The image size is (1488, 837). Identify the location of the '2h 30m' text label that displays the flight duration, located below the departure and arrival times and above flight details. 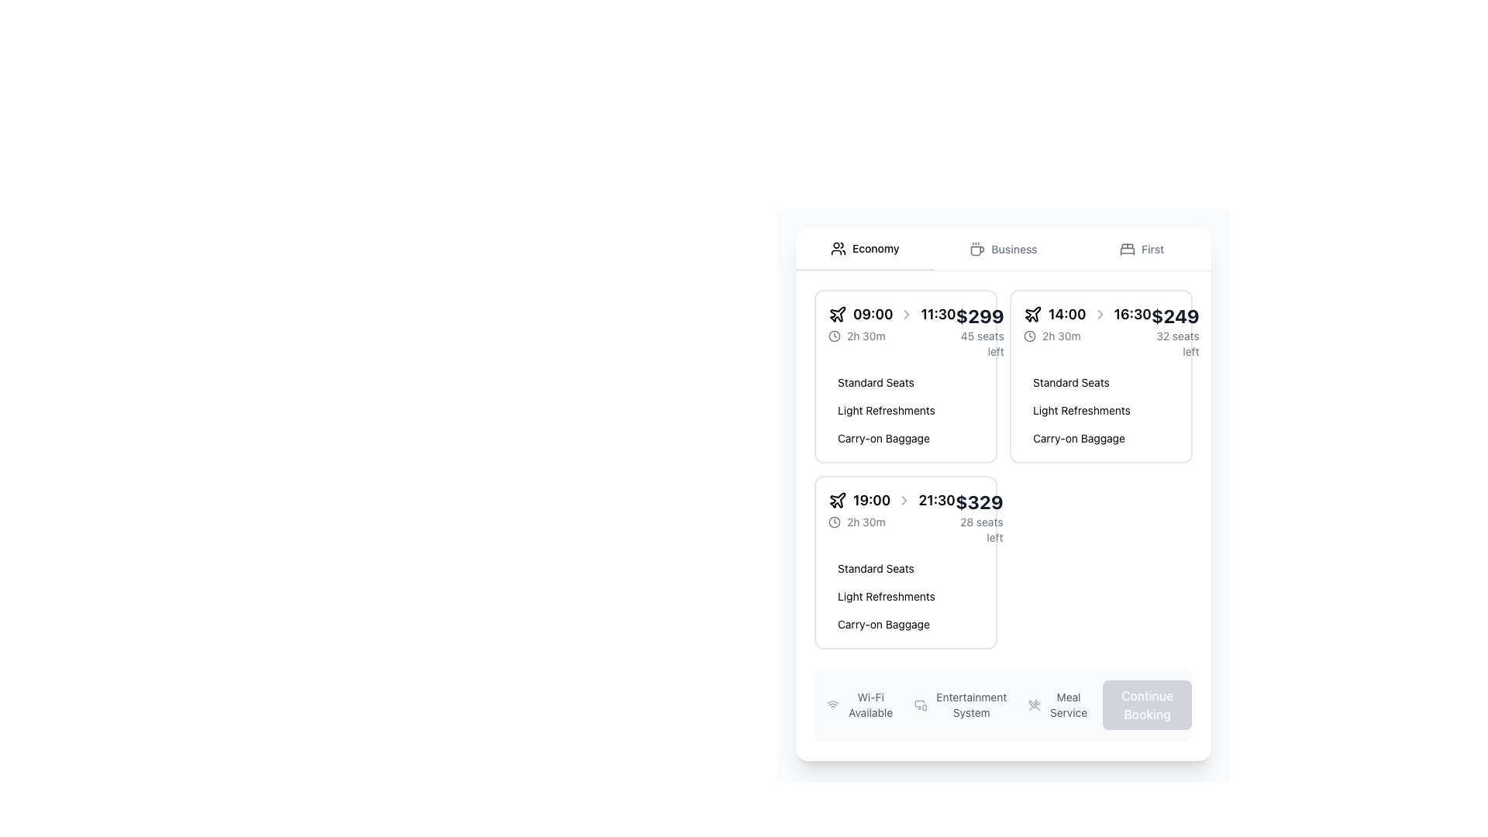
(865, 522).